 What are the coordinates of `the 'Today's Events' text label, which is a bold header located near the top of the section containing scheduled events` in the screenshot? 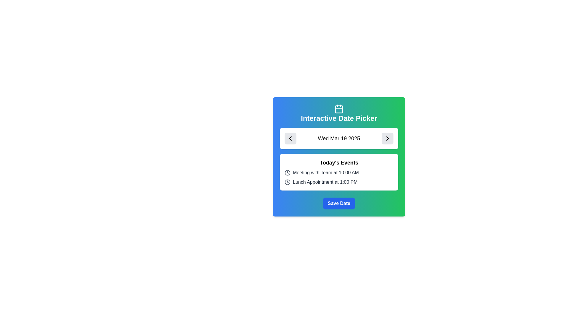 It's located at (339, 163).